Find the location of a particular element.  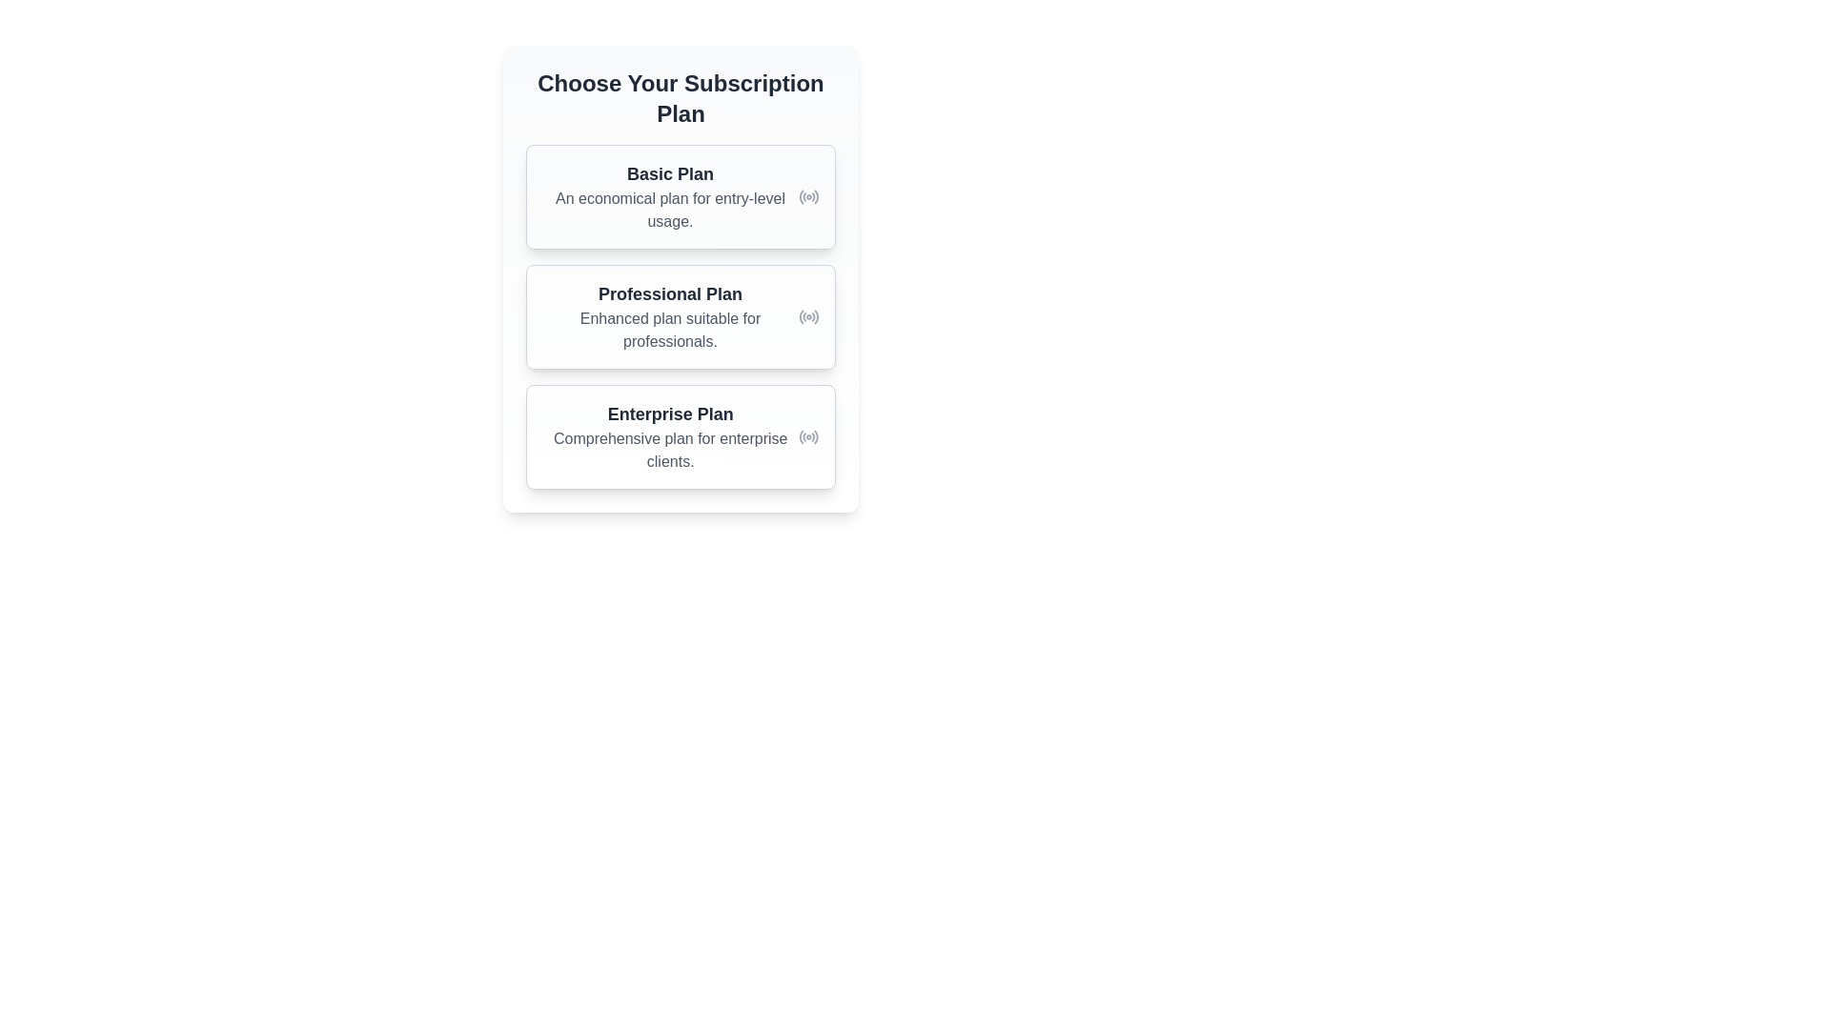

the indicative icon representing the 'Basic Plan' subscription option, located to the right of the 'Basic Plan' text and description is located at coordinates (809, 197).